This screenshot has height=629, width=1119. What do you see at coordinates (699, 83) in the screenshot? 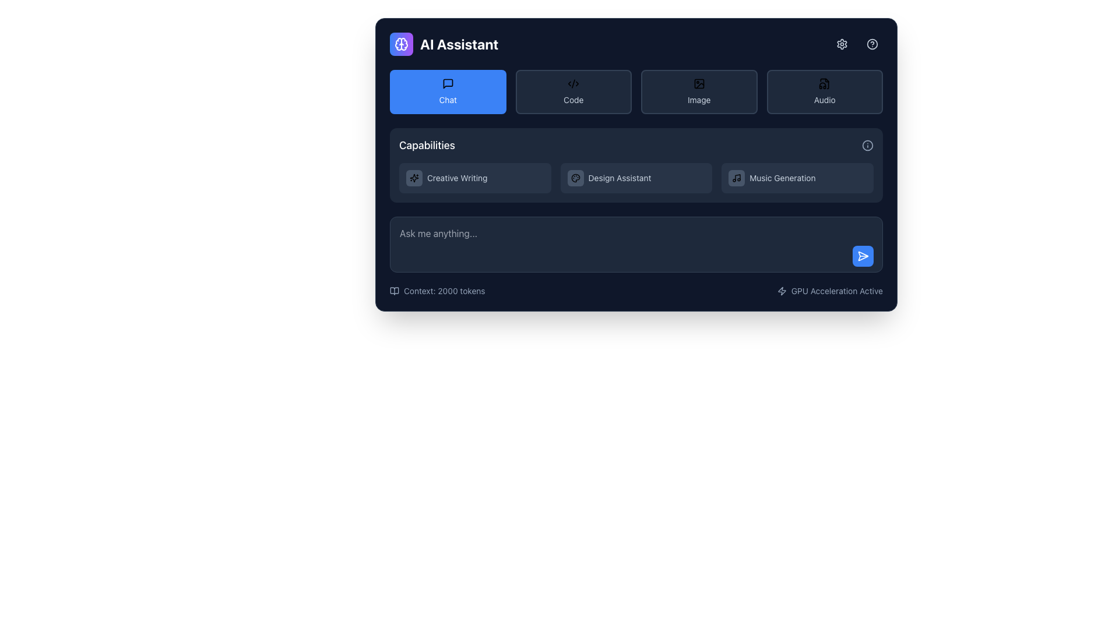
I see `the icon within the 'Image' button` at bounding box center [699, 83].